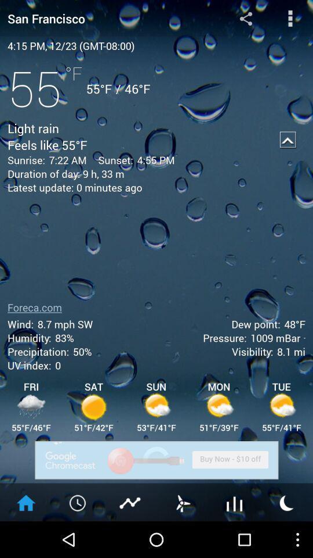 The width and height of the screenshot is (313, 558). I want to click on moon phase calendar, so click(286, 502).